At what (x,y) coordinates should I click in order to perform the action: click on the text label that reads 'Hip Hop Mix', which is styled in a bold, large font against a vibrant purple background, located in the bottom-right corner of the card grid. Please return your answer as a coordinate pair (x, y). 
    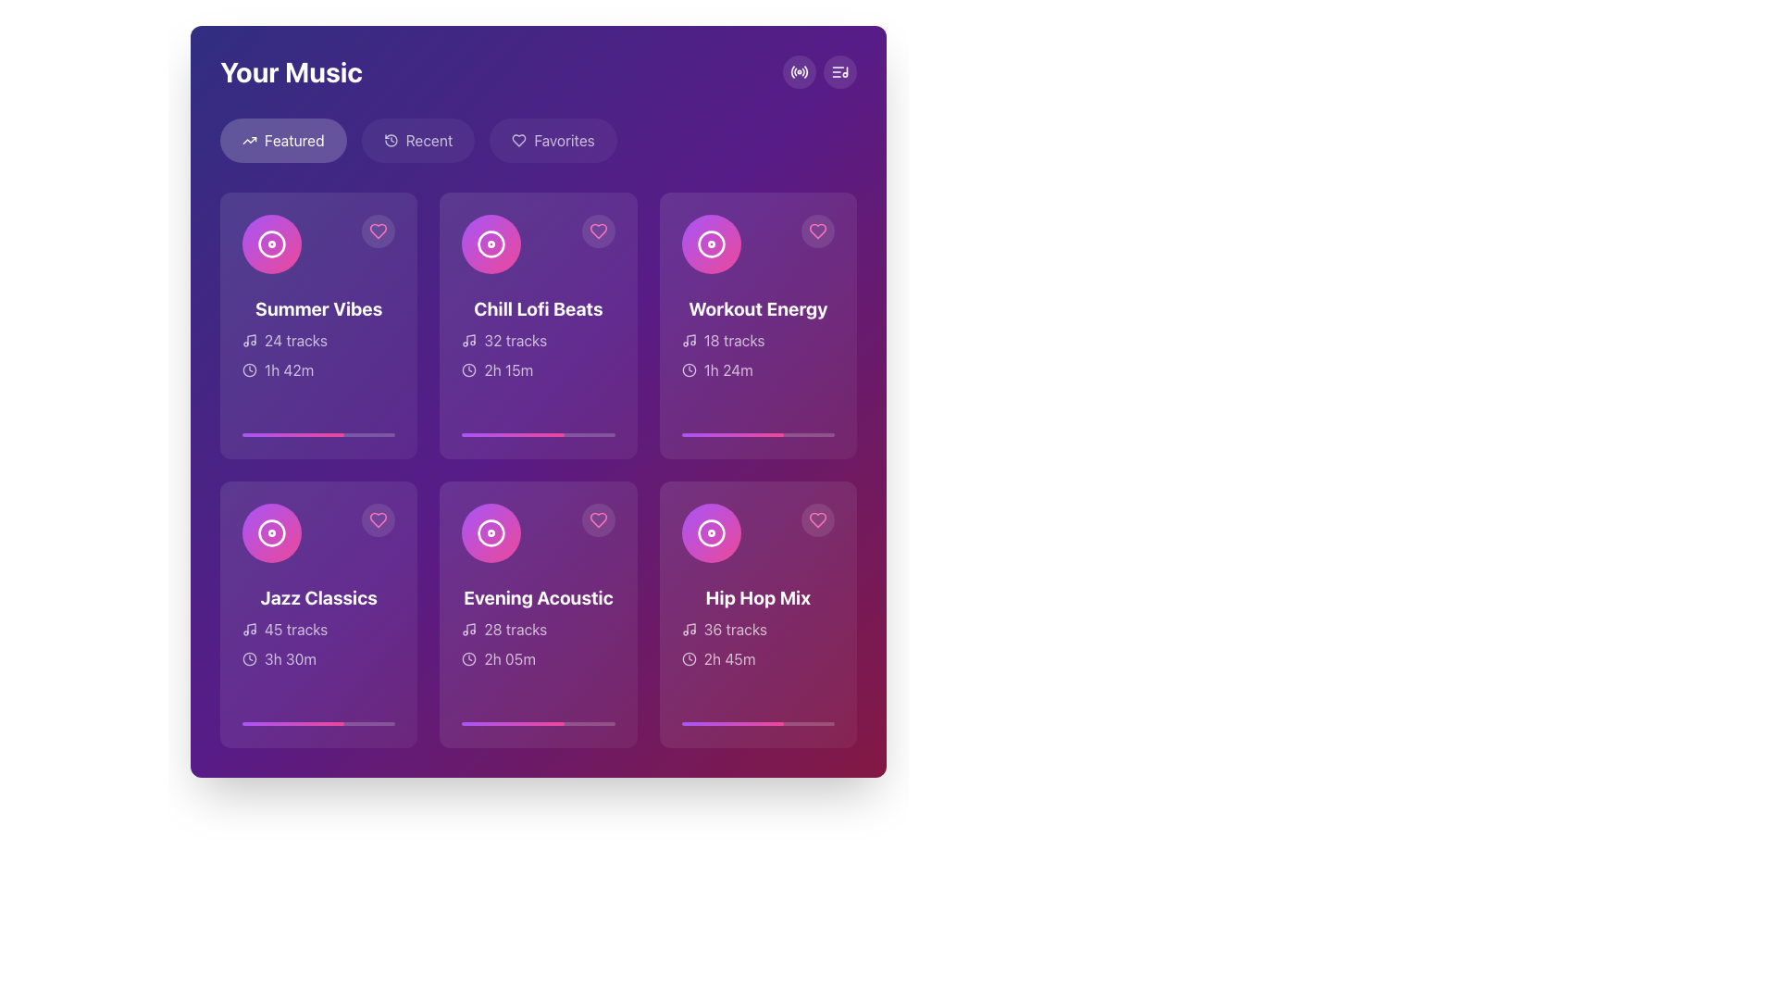
    Looking at the image, I should click on (758, 597).